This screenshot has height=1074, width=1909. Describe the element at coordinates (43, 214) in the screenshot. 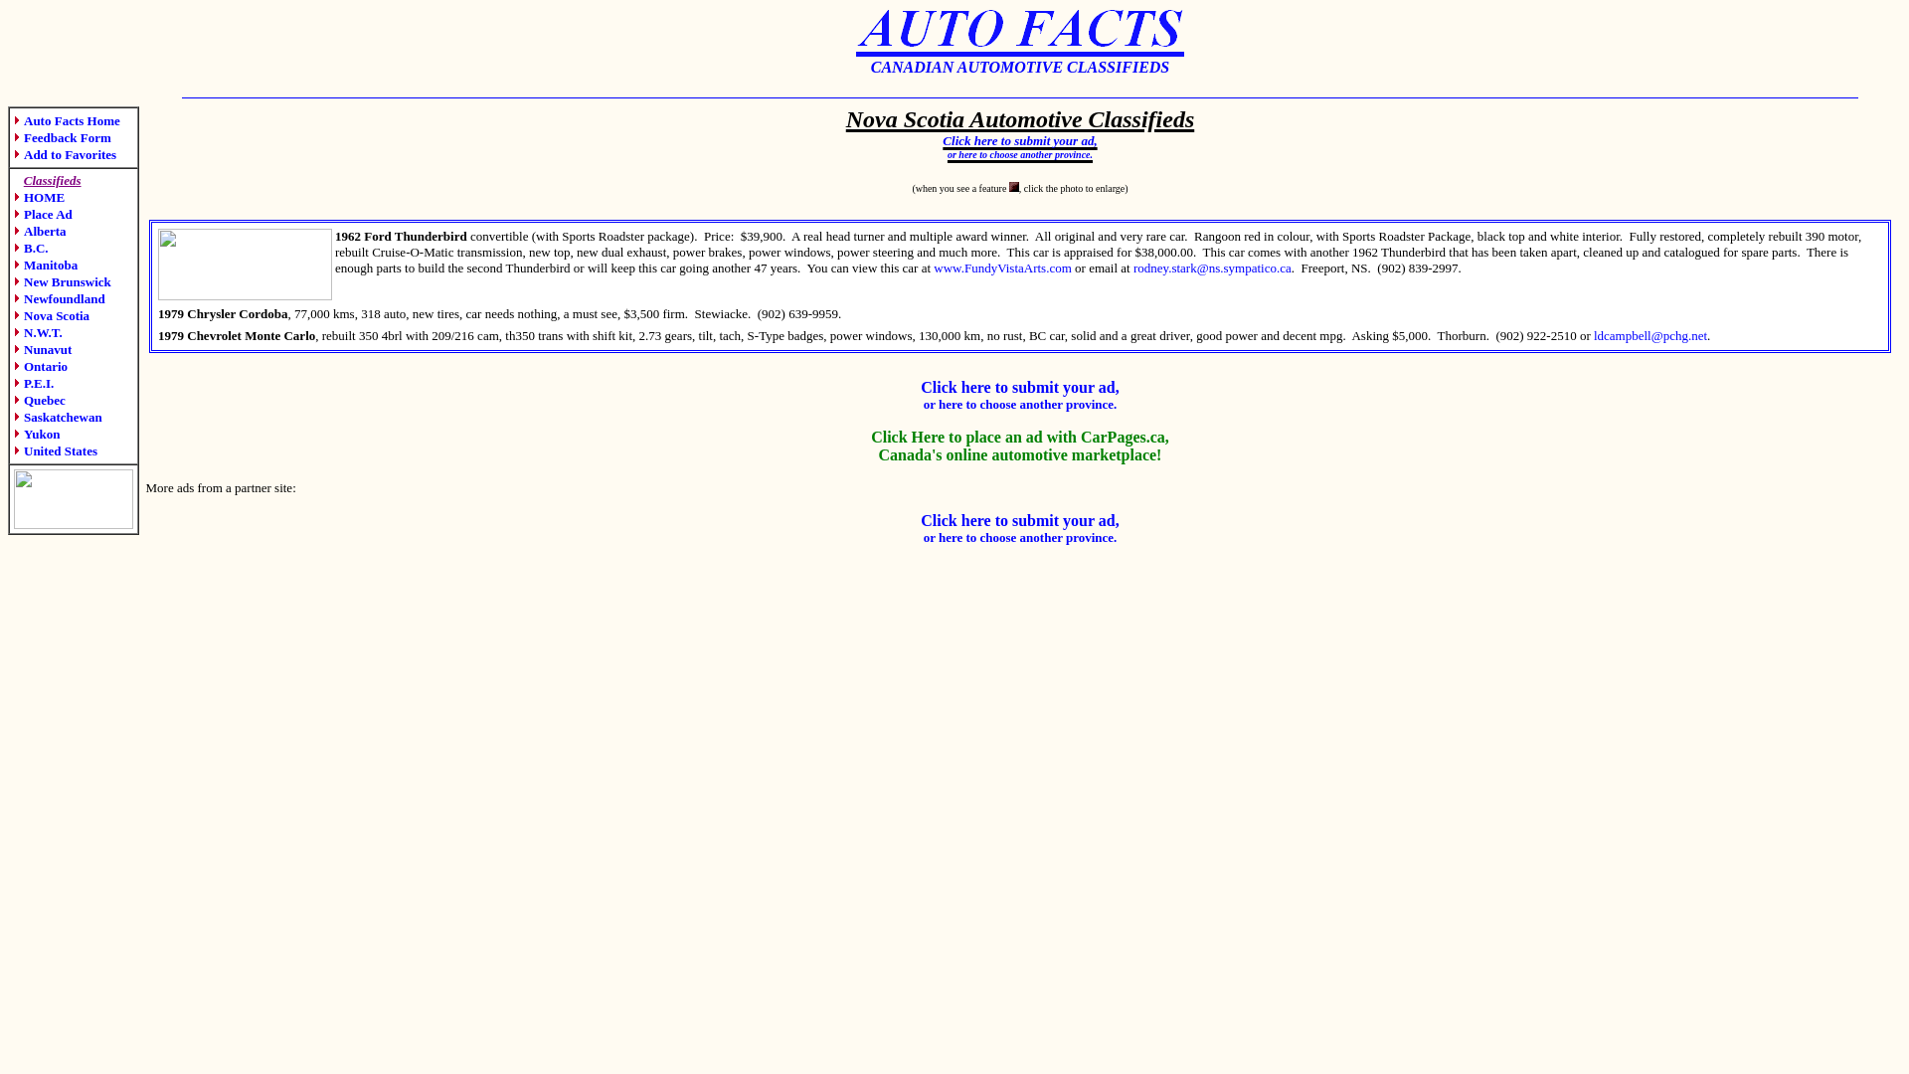

I see `'Place Ad'` at that location.